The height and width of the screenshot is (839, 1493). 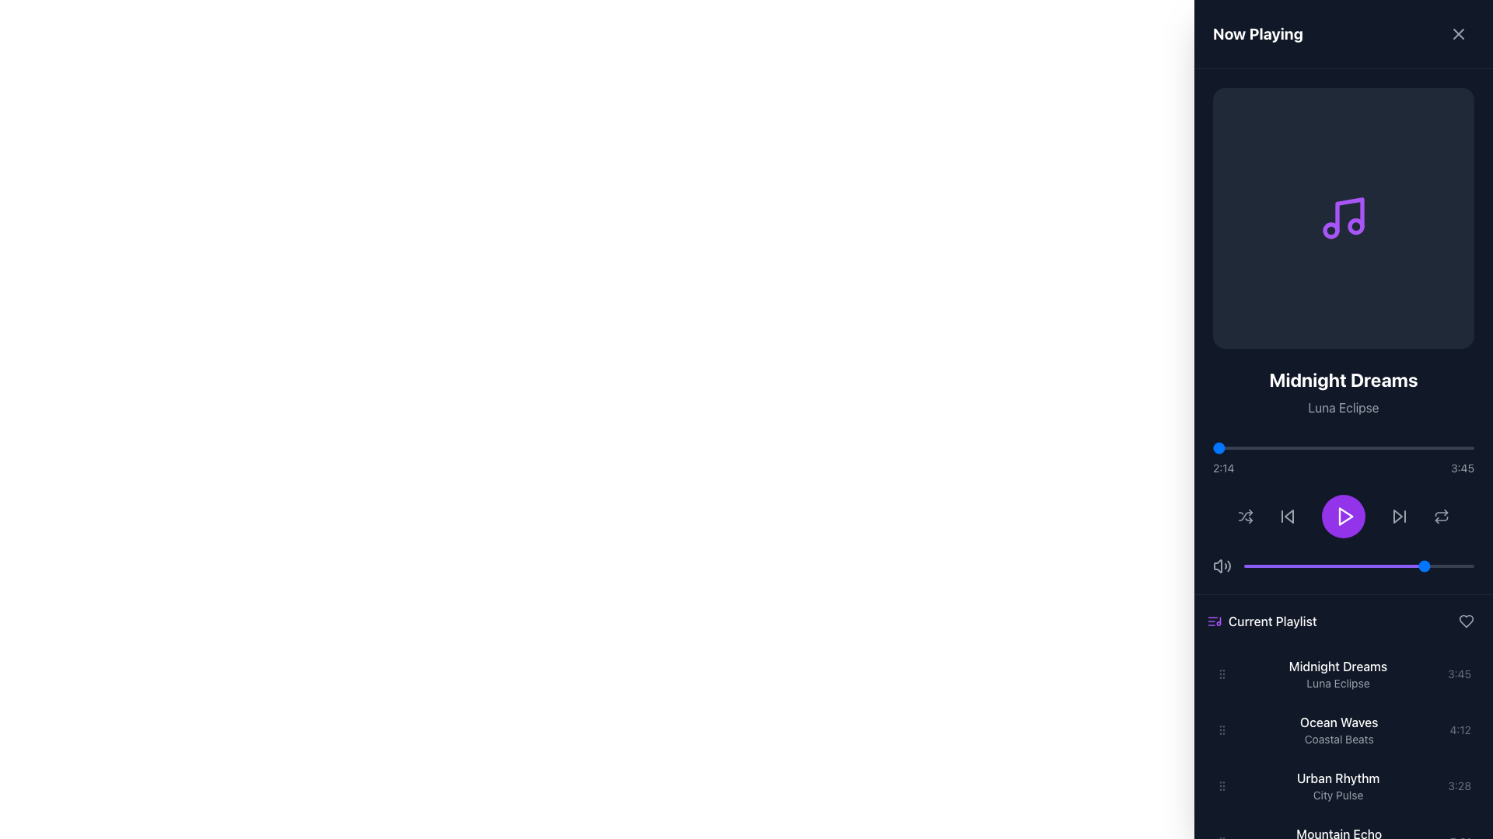 I want to click on the static text element displaying the title 'Urban Rhythm' in the 'Current Playlist' section, which is the first line of the entry above 'City Pulse', so click(x=1337, y=778).